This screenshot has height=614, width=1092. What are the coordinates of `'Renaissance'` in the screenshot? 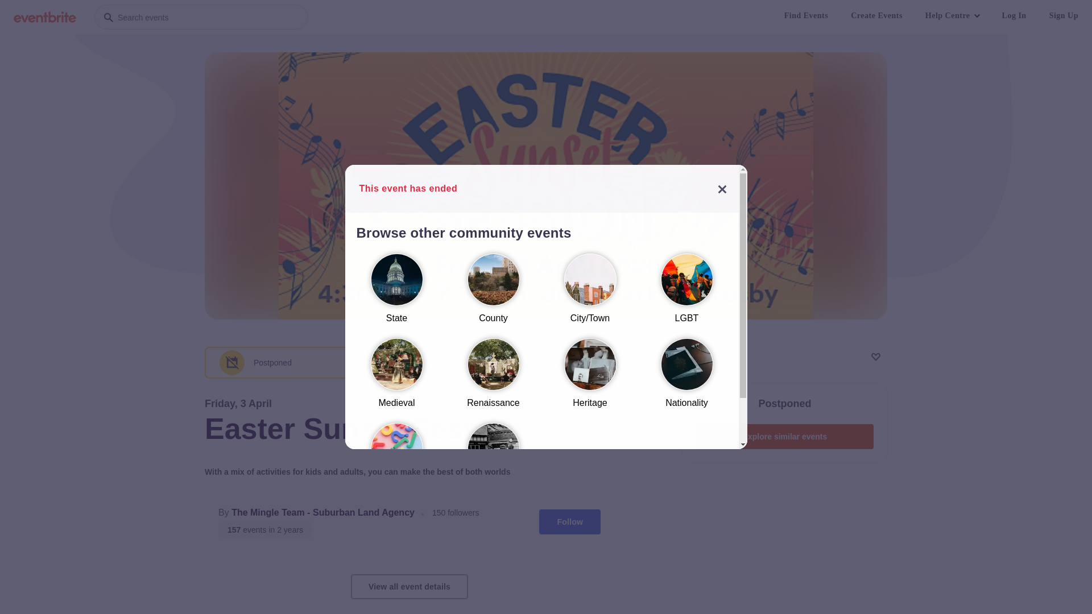 It's located at (493, 378).